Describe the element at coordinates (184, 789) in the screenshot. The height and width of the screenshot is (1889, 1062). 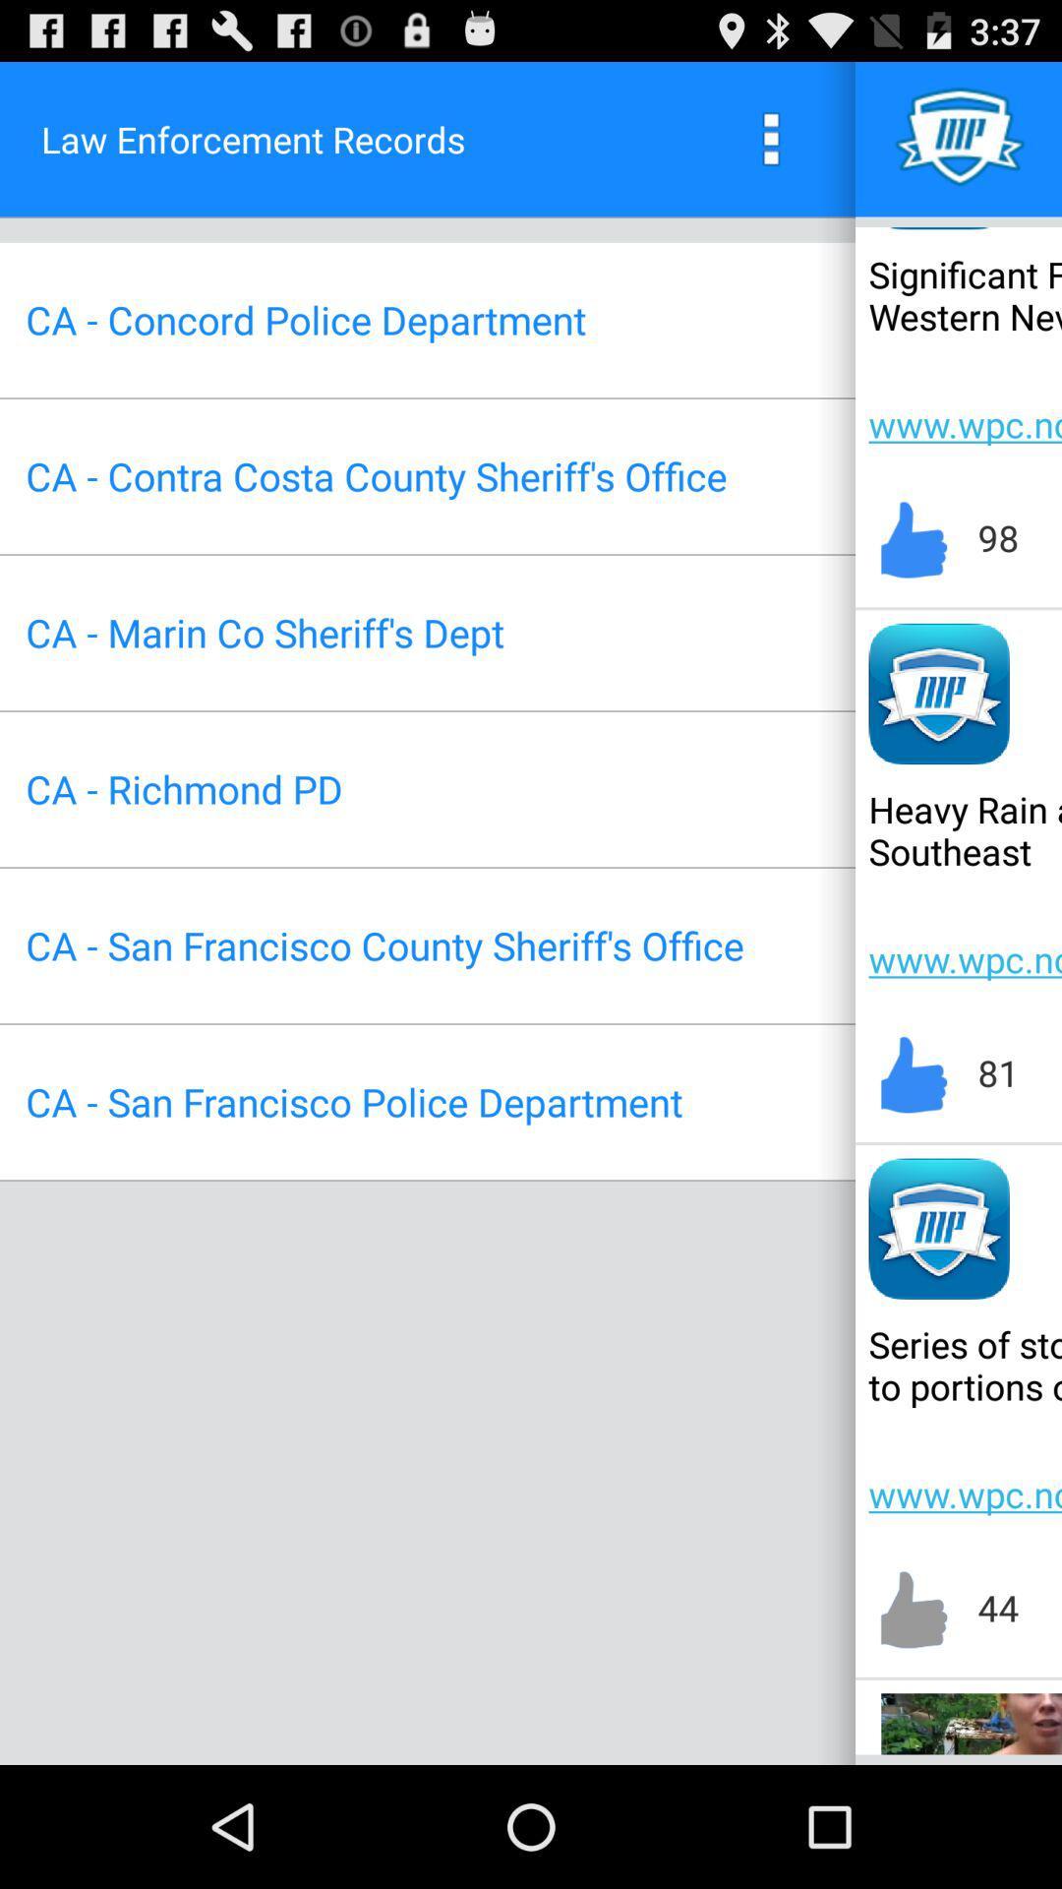
I see `ca - richmond pd icon` at that location.